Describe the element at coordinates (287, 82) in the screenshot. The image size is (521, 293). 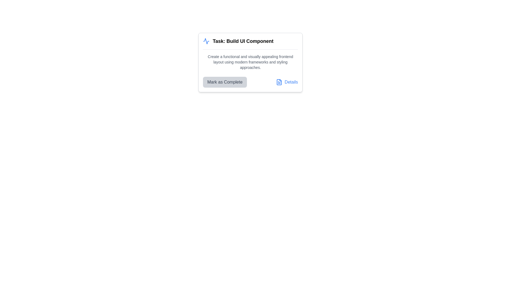
I see `the navigational link located in the lower-right corner of the card layout` at that location.